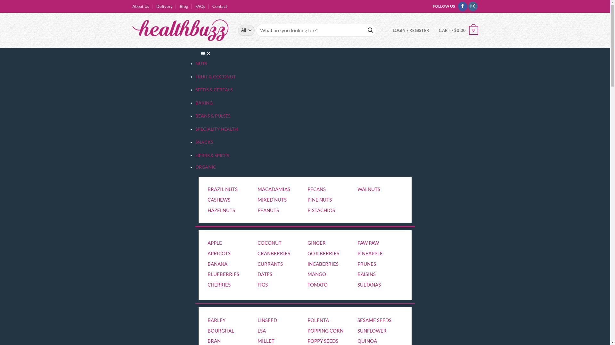 Image resolution: width=615 pixels, height=345 pixels. I want to click on 'BRAN', so click(214, 341).